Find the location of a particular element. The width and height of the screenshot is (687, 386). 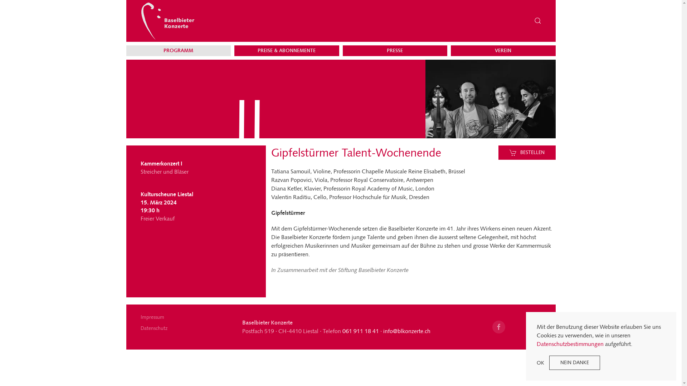

'PROGRAMM' is located at coordinates (179, 50).